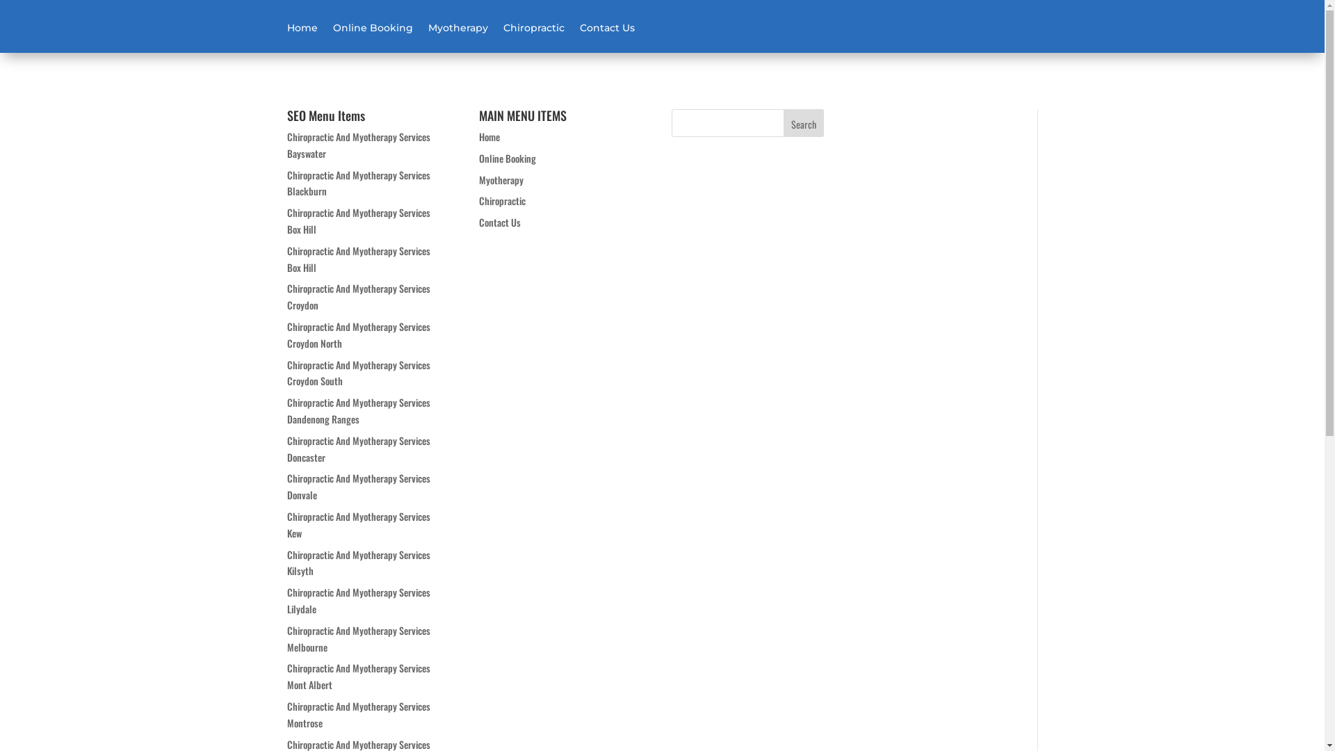 The height and width of the screenshot is (751, 1335). Describe the element at coordinates (357, 599) in the screenshot. I see `'Chiropractic And Myotherapy Services Lilydale'` at that location.